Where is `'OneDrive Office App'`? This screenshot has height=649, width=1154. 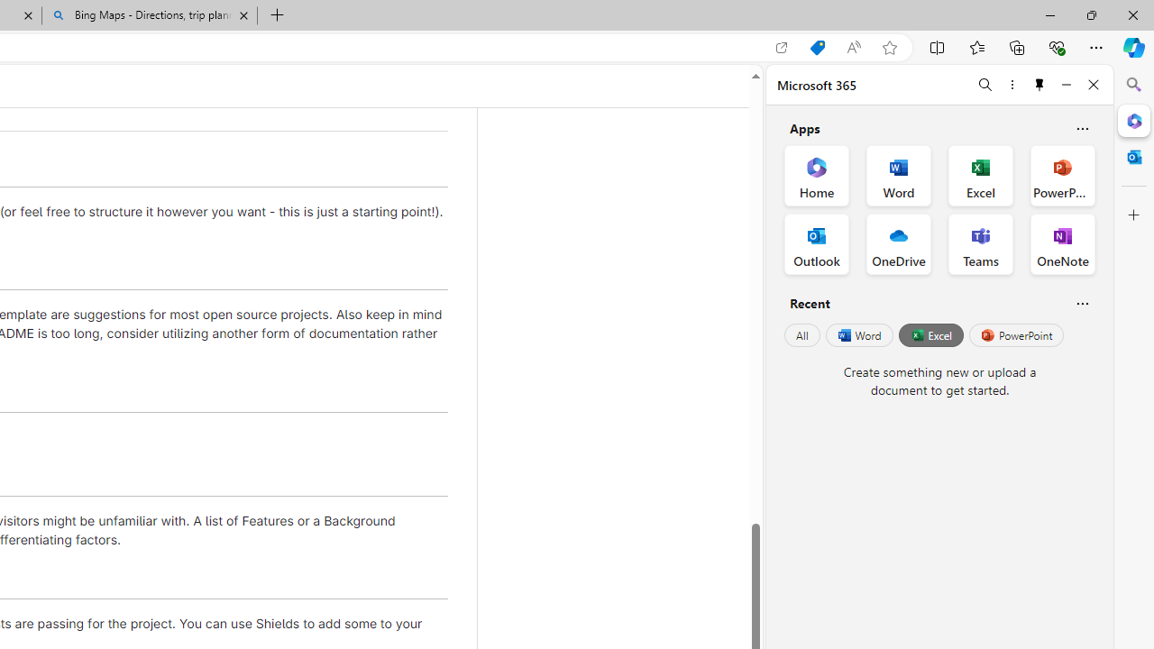 'OneDrive Office App' is located at coordinates (899, 244).